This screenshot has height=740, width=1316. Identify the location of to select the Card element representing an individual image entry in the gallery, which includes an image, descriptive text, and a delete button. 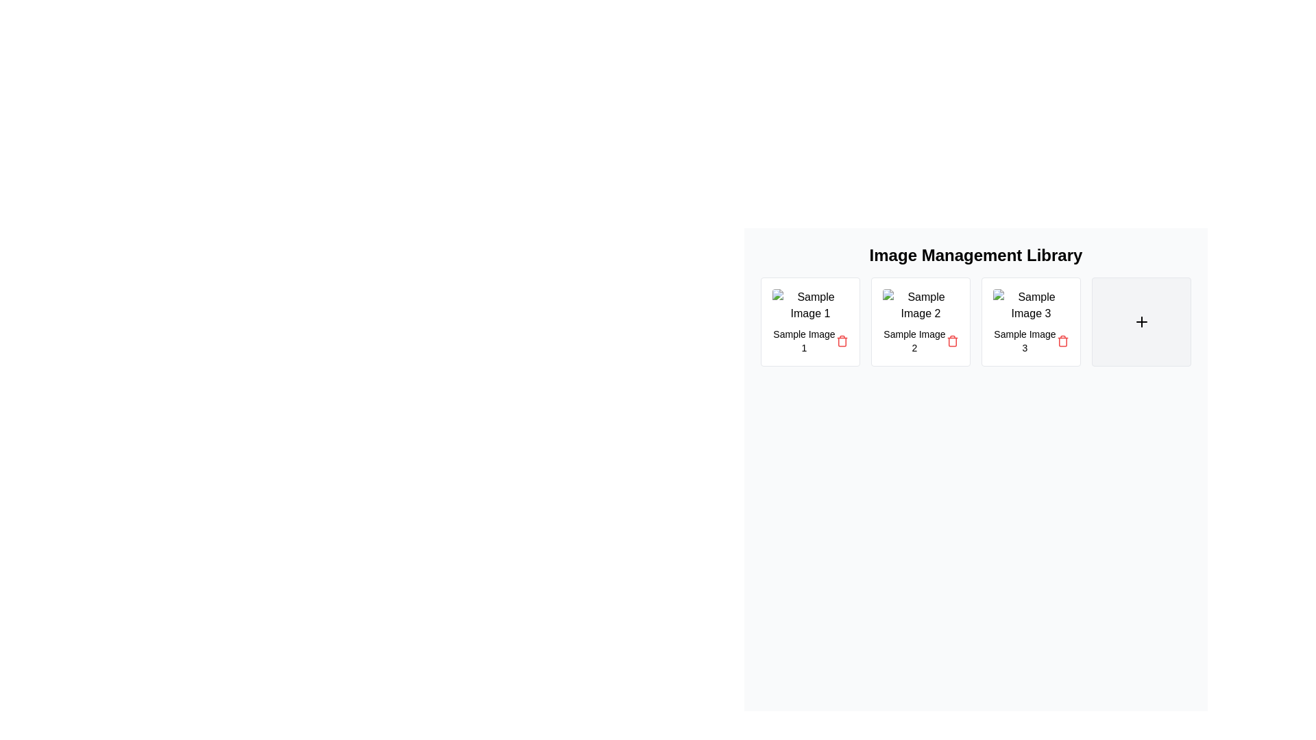
(1031, 322).